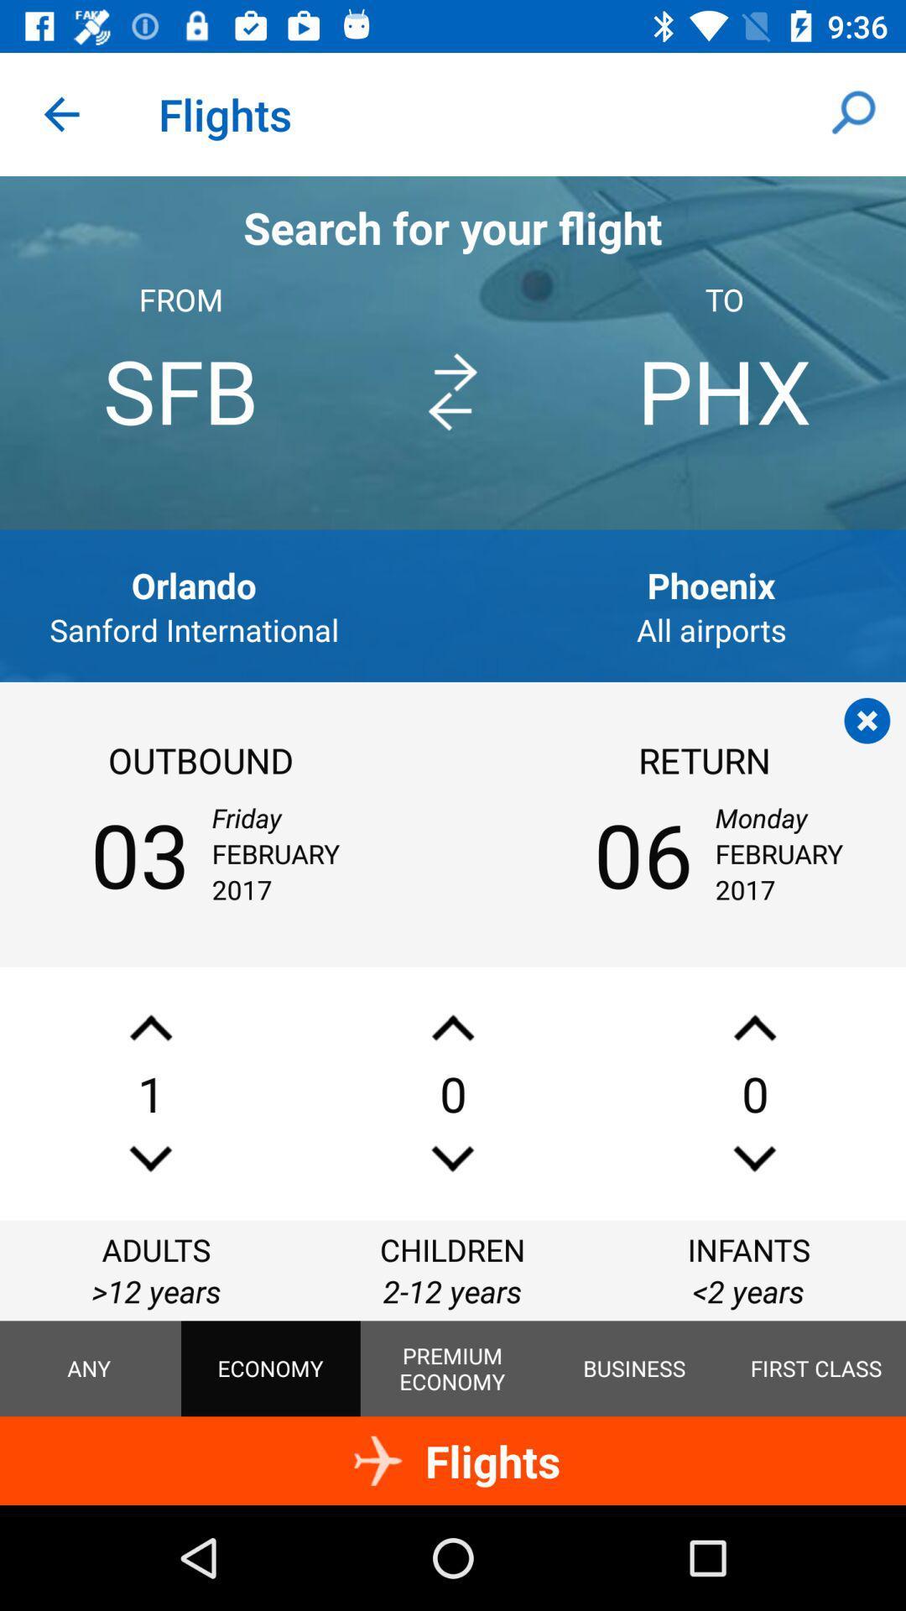 The width and height of the screenshot is (906, 1611). Describe the element at coordinates (753, 1027) in the screenshot. I see `increase number` at that location.